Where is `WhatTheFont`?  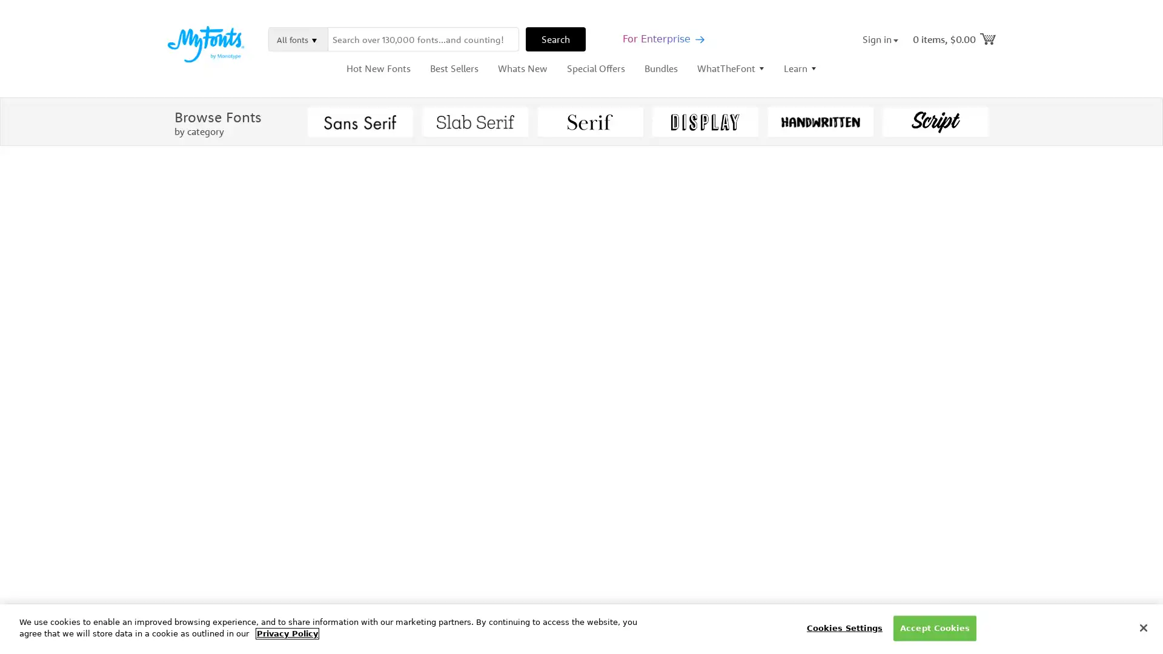
WhatTheFont is located at coordinates (730, 68).